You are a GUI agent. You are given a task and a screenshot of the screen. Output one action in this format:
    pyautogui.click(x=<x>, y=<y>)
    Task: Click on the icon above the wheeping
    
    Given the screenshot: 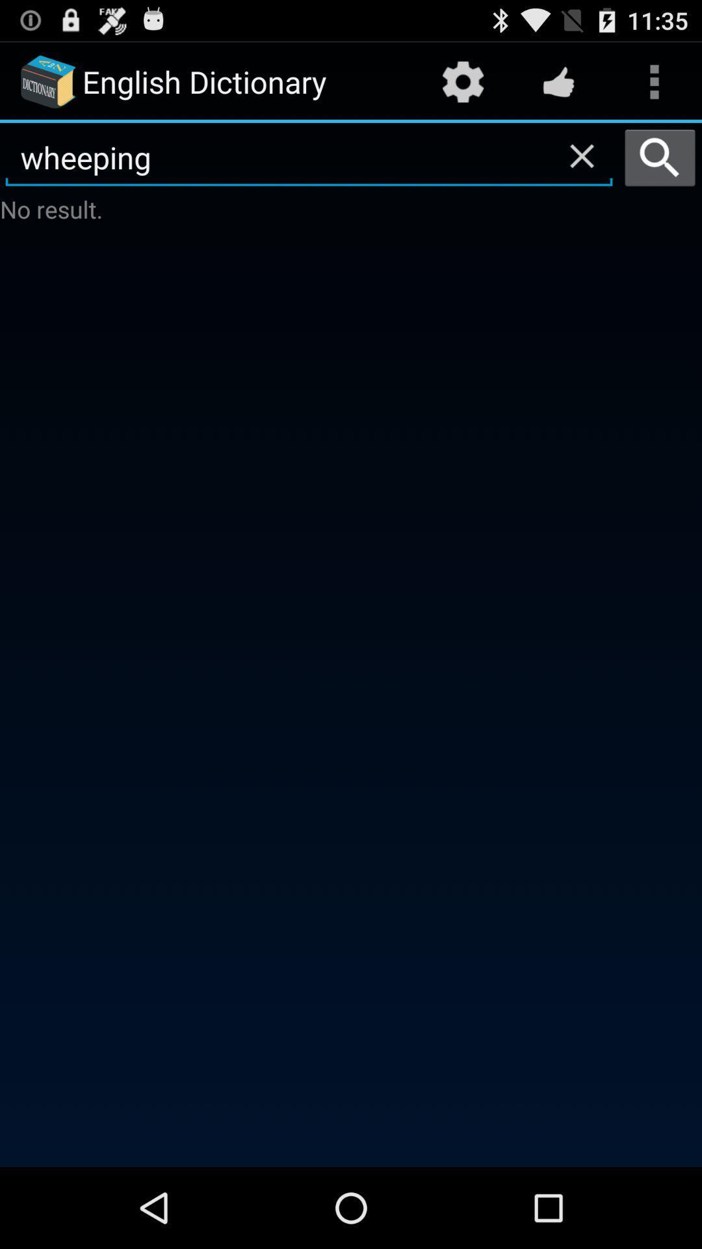 What is the action you would take?
    pyautogui.click(x=558, y=81)
    